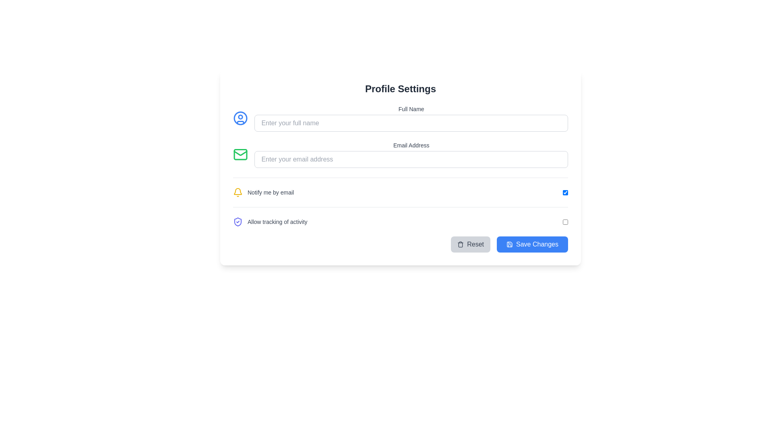 The image size is (773, 435). What do you see at coordinates (240, 155) in the screenshot?
I see `the green envelope icon located to the left of the 'Email Address' text input field` at bounding box center [240, 155].